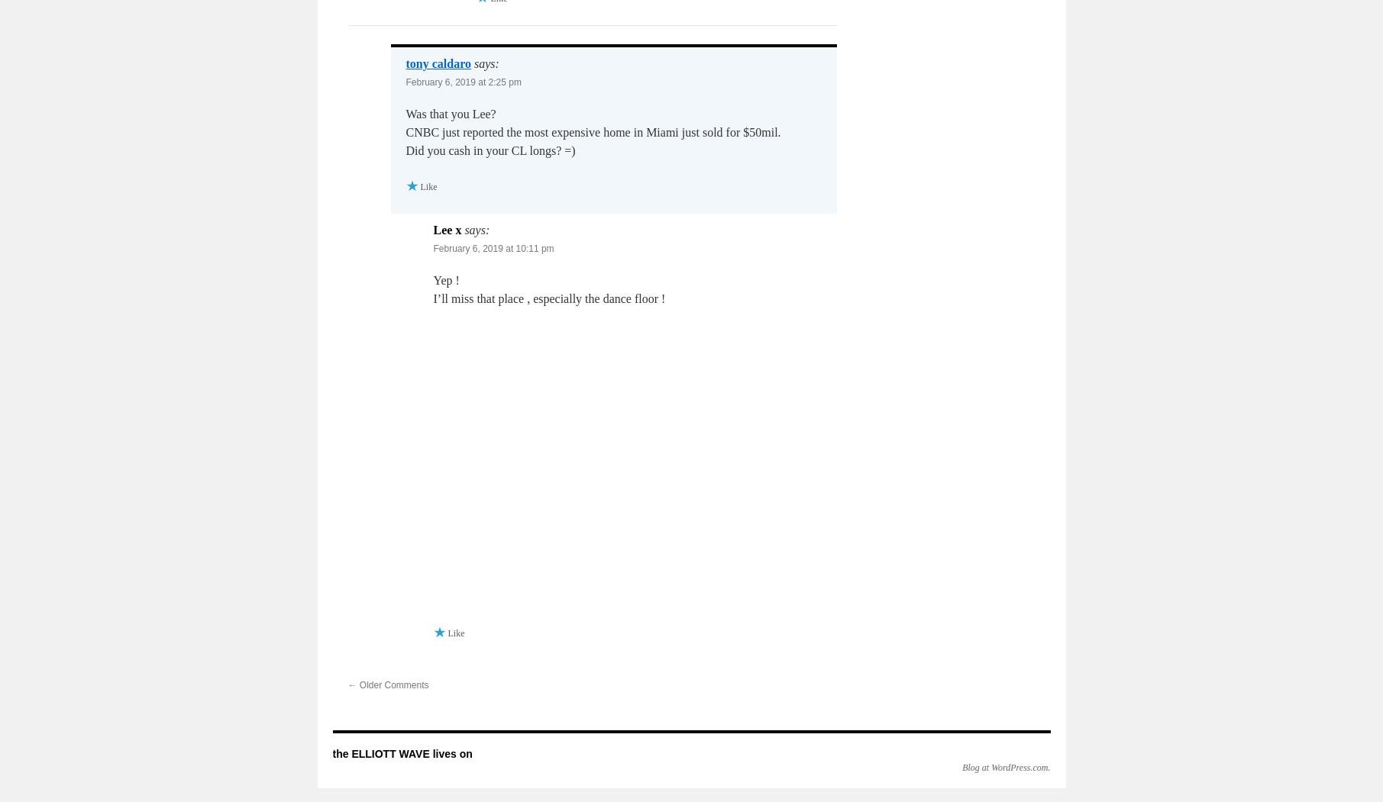 This screenshot has height=802, width=1383. Describe the element at coordinates (401, 752) in the screenshot. I see `'the ELLIOTT WAVE lives on'` at that location.